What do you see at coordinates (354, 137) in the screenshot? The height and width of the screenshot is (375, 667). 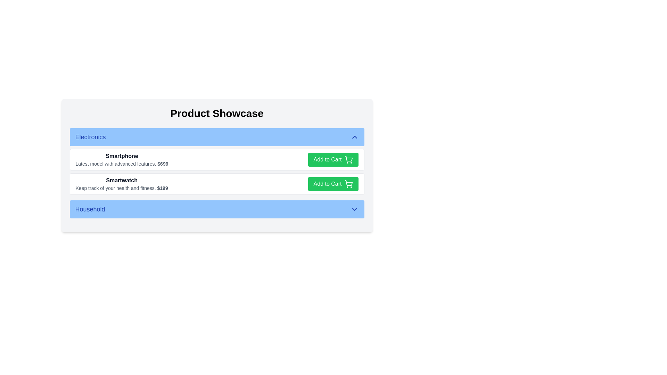 I see `the Chevron Up icon located at the right side of the header labeled 'Electronics'` at bounding box center [354, 137].